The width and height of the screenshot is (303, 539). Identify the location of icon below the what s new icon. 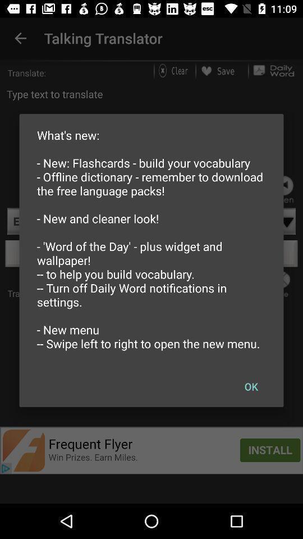
(251, 386).